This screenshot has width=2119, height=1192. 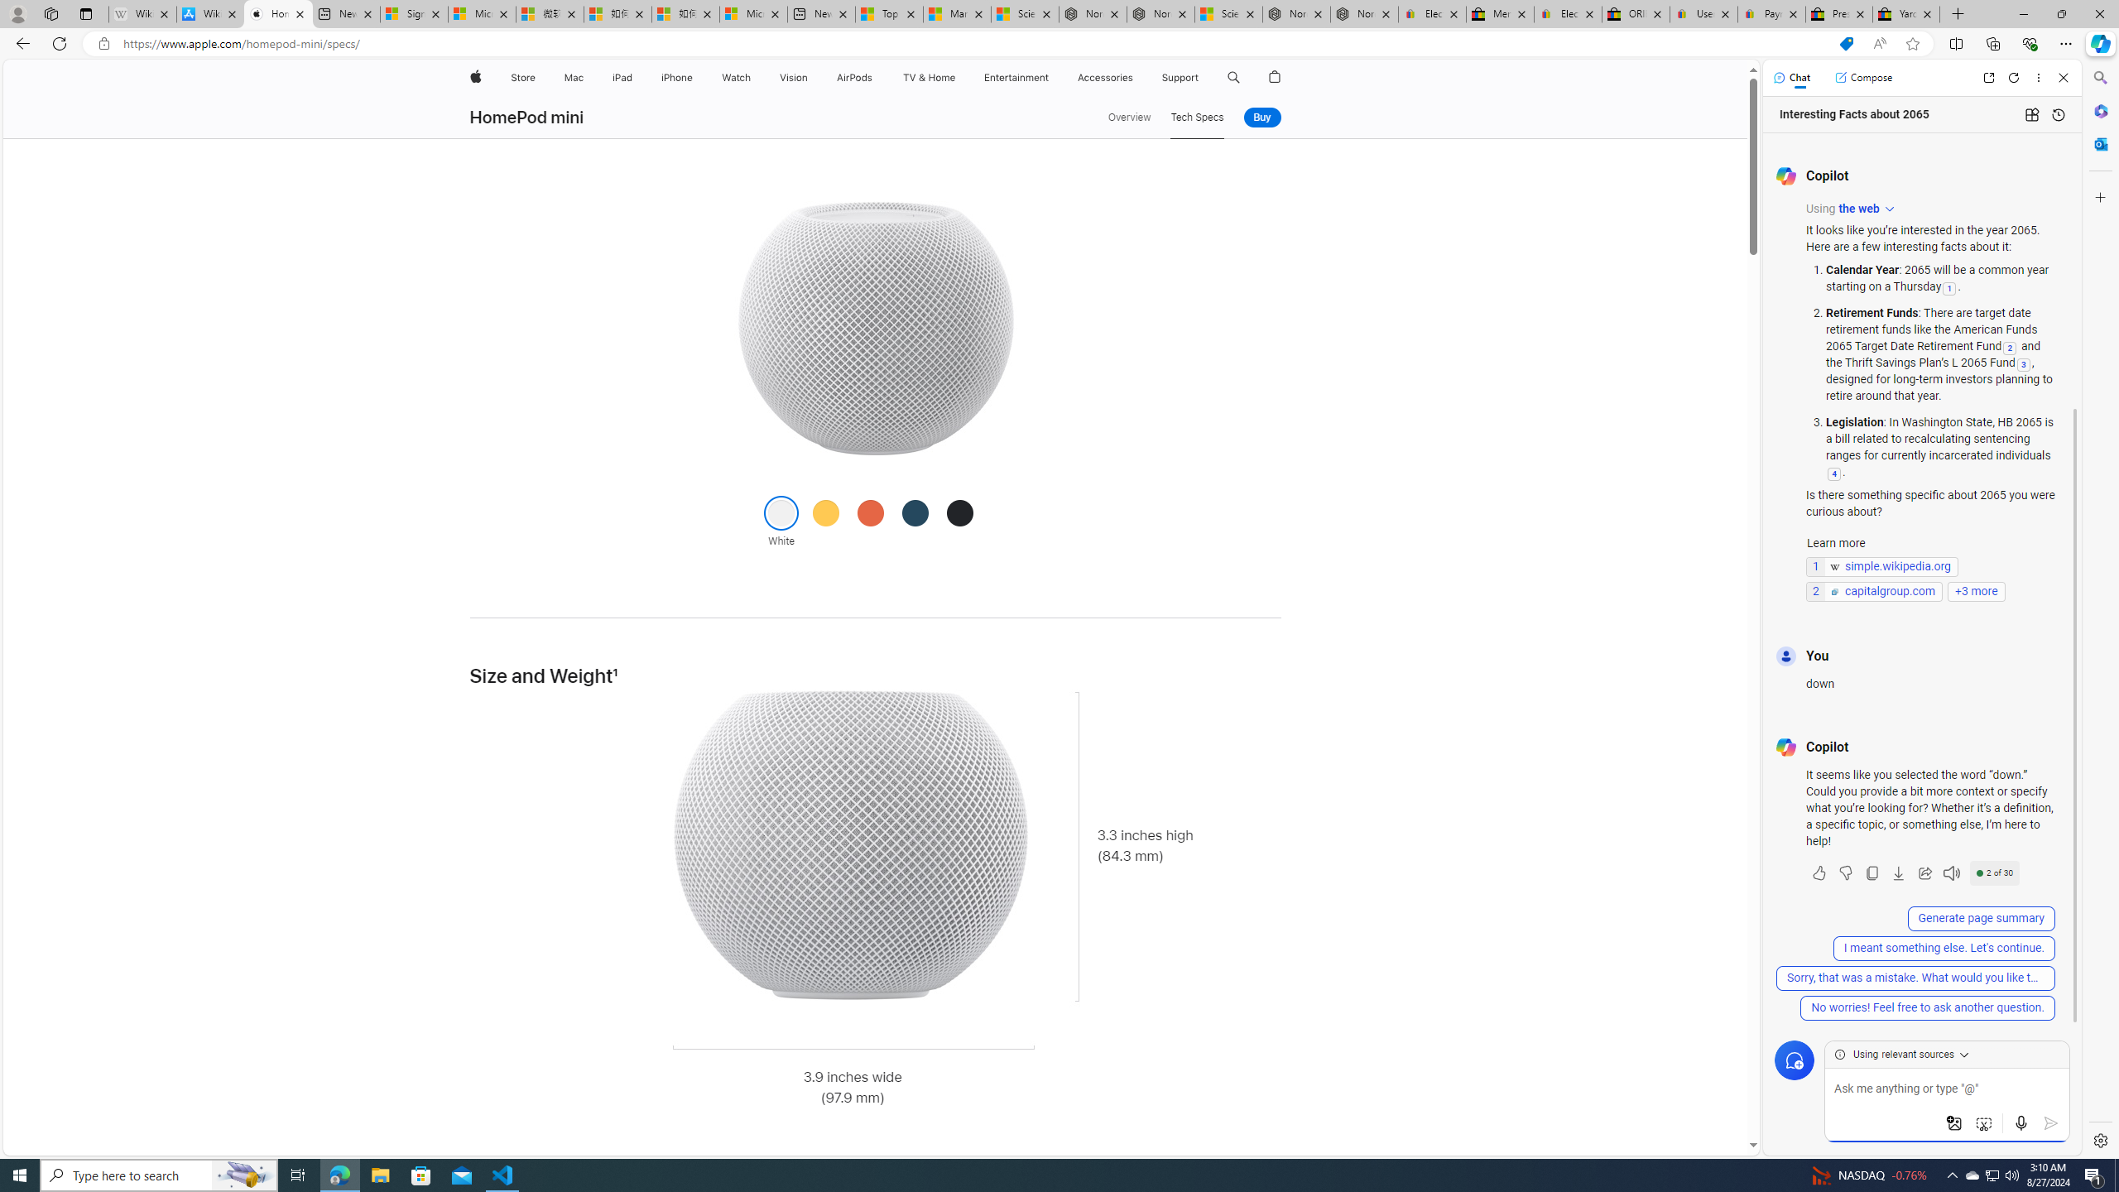 What do you see at coordinates (1128, 117) in the screenshot?
I see `'Overview'` at bounding box center [1128, 117].